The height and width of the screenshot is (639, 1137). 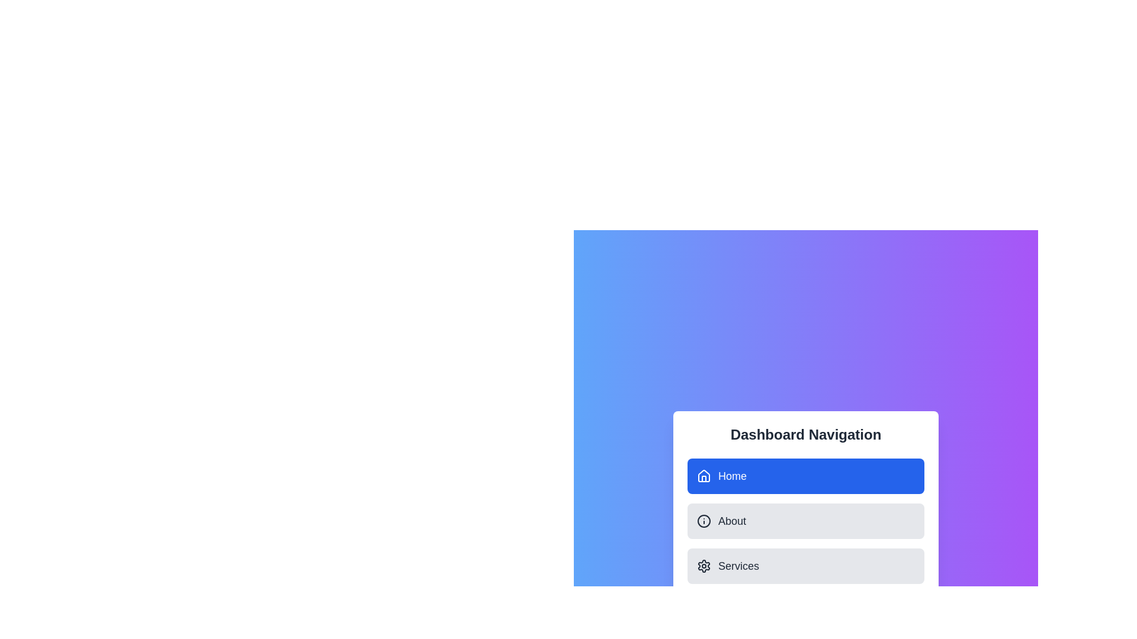 What do you see at coordinates (805, 435) in the screenshot?
I see `the Text Label that serves as a section title for the navigation menu, located at the top of the navigation component` at bounding box center [805, 435].